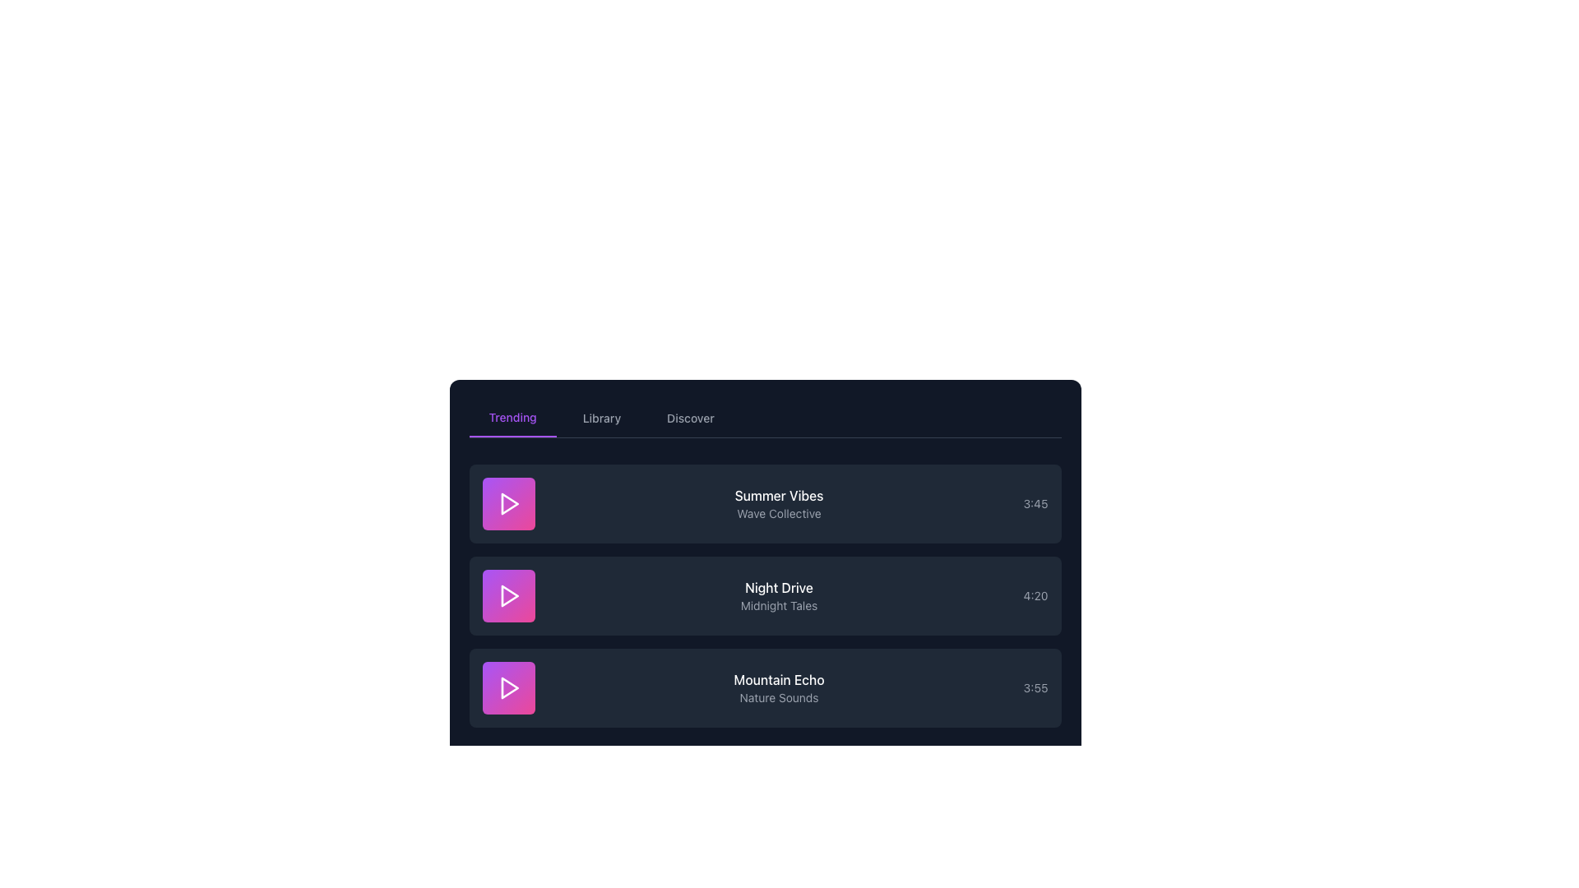 The width and height of the screenshot is (1579, 888). I want to click on the pink triangular play icon located under the 'Trending' tab, which is the topmost of three similar icons, so click(508, 503).